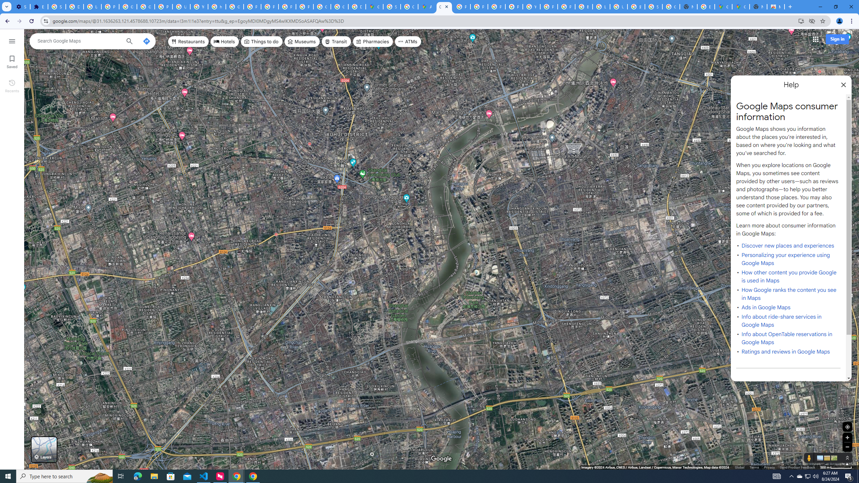 The image size is (859, 483). I want to click on 'Google Account Help', so click(128, 6).